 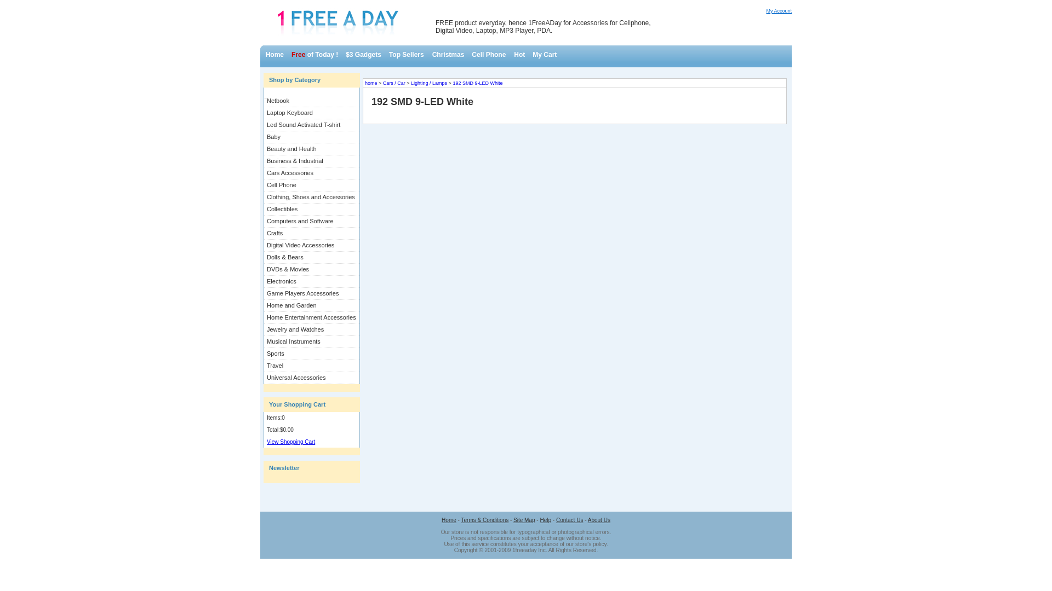 I want to click on 'Clothing, Shoes and Accessories', so click(x=312, y=196).